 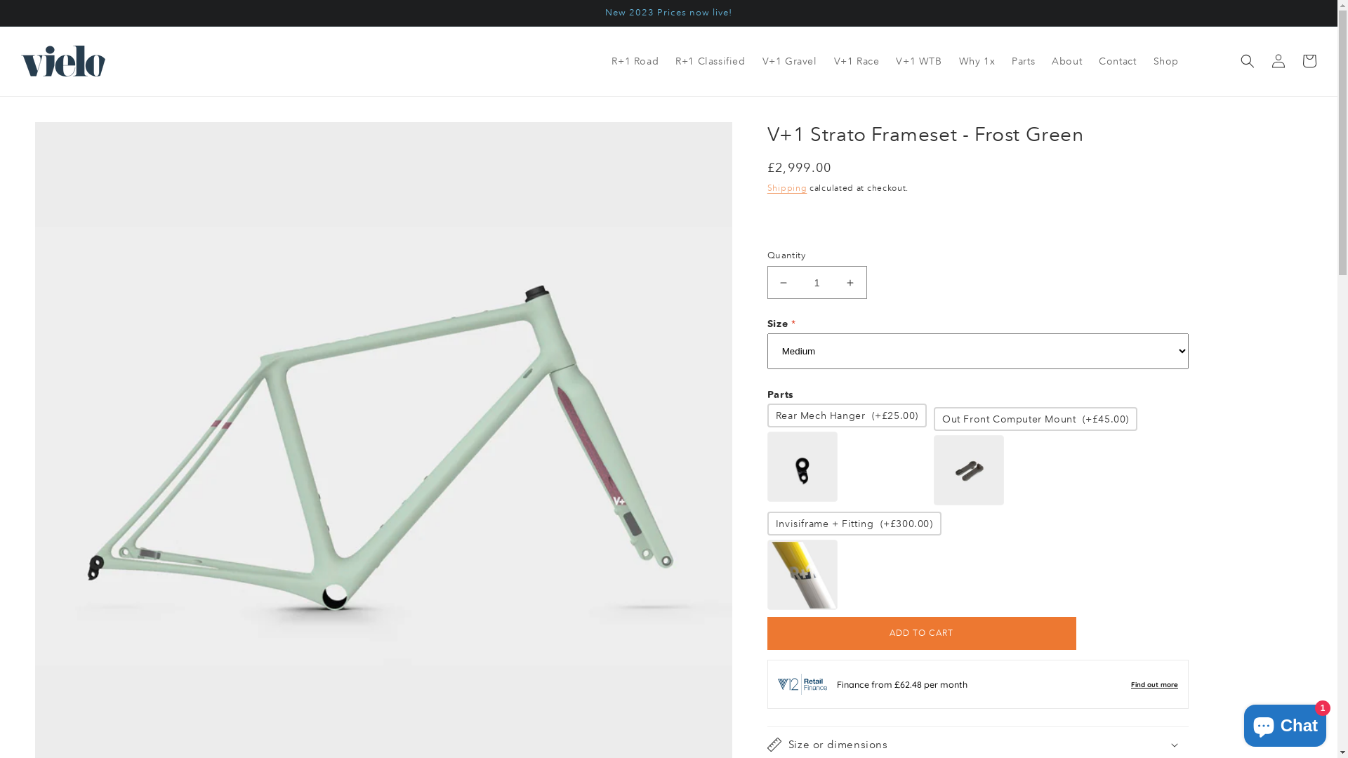 I want to click on 'Increase quantity for V+1 Strato Frameset - Frost Green', so click(x=835, y=282).